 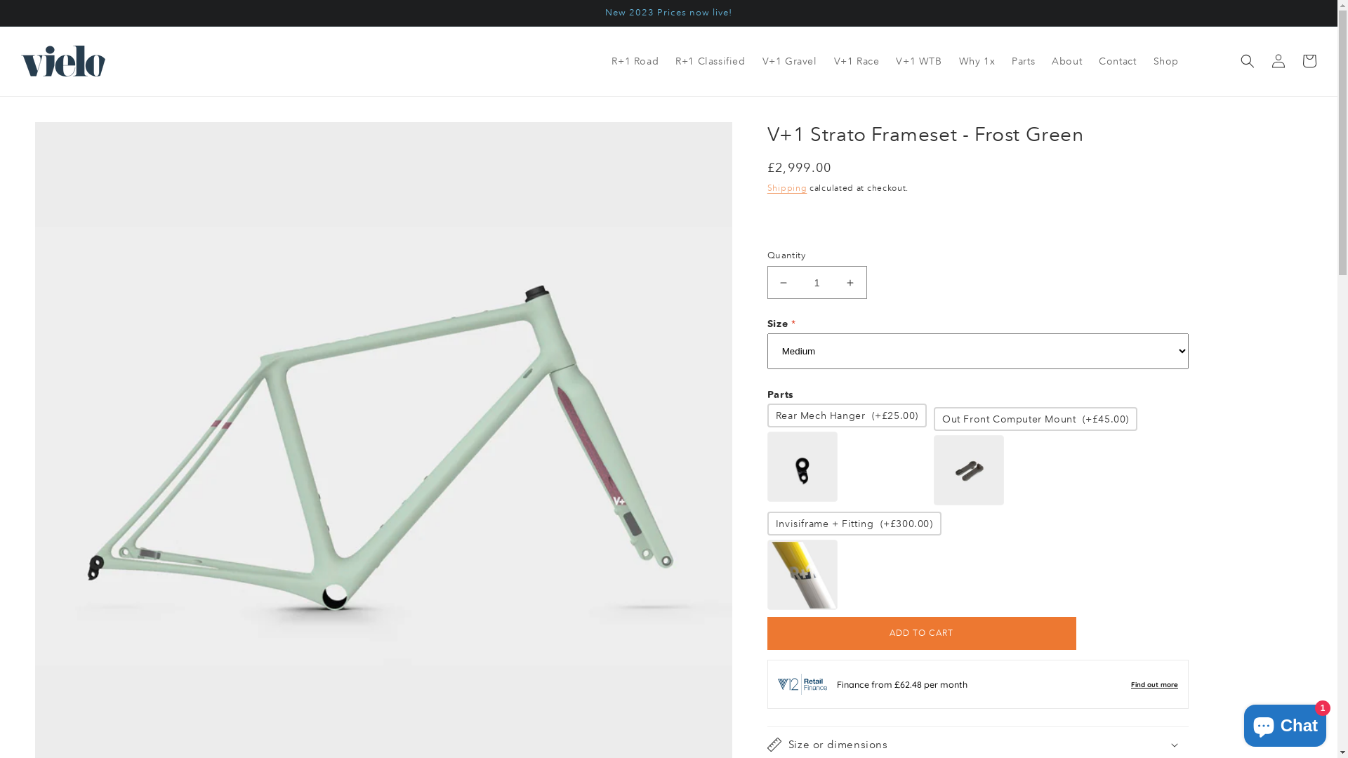 I want to click on 'Increase quantity for V+1 Strato Frameset - Frost Green', so click(x=835, y=282).